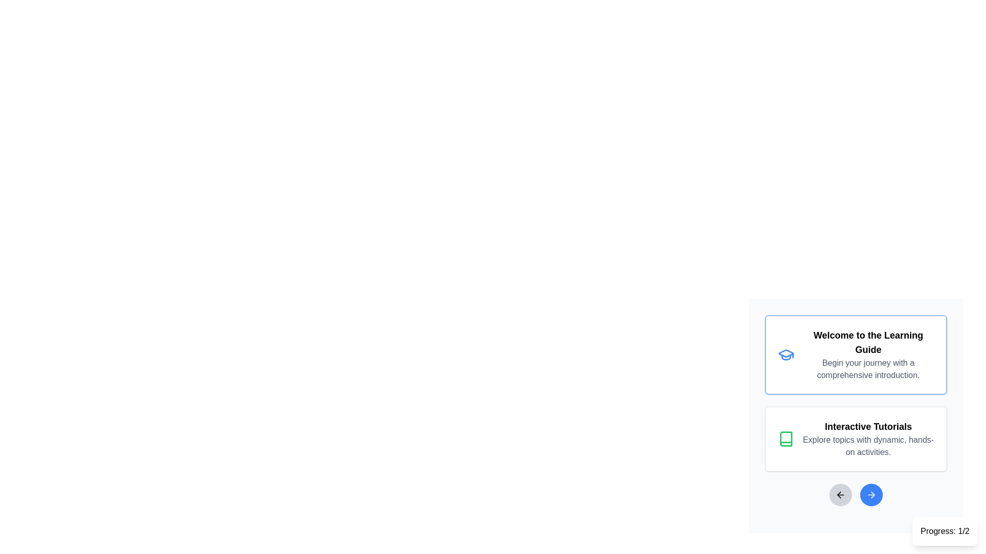 The width and height of the screenshot is (986, 554). Describe the element at coordinates (786, 354) in the screenshot. I see `the educational learning icon located in the top card of the vertical stack labeled 'Welcome to the Learning Guide'` at that location.